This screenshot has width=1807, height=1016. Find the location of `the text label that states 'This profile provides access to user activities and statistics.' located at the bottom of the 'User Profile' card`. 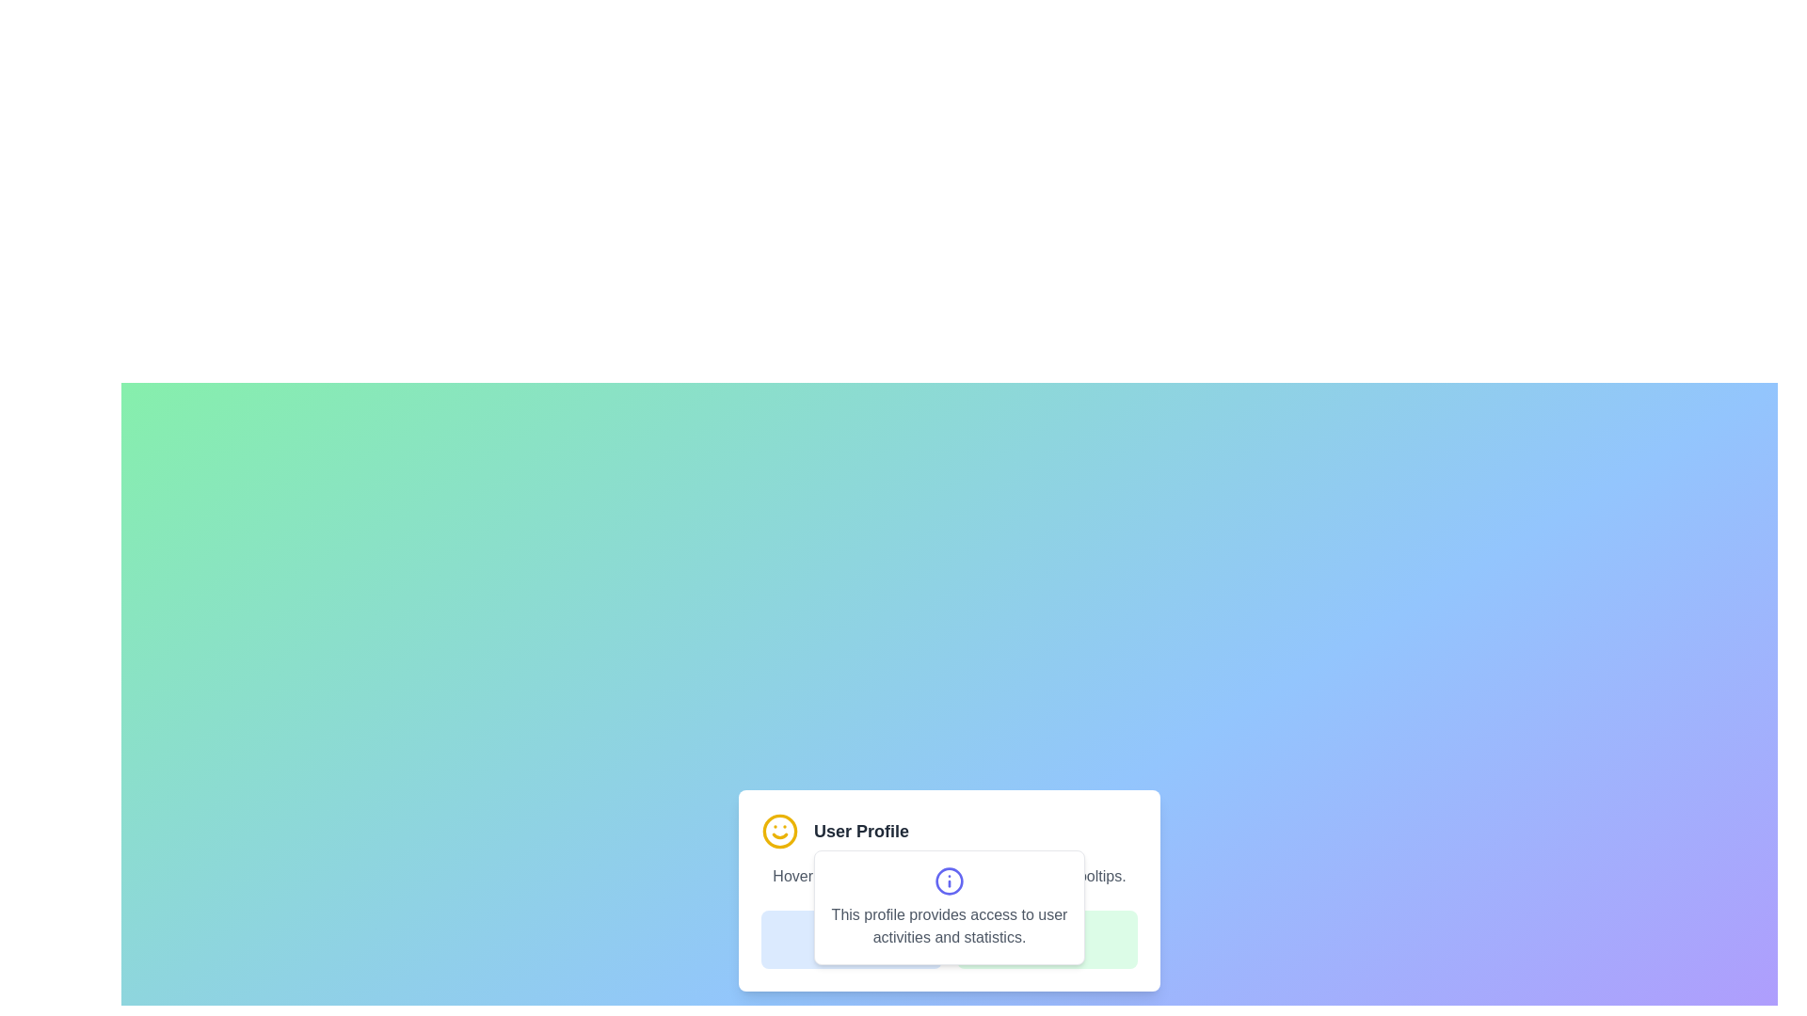

the text label that states 'This profile provides access to user activities and statistics.' located at the bottom of the 'User Profile' card is located at coordinates (949, 940).